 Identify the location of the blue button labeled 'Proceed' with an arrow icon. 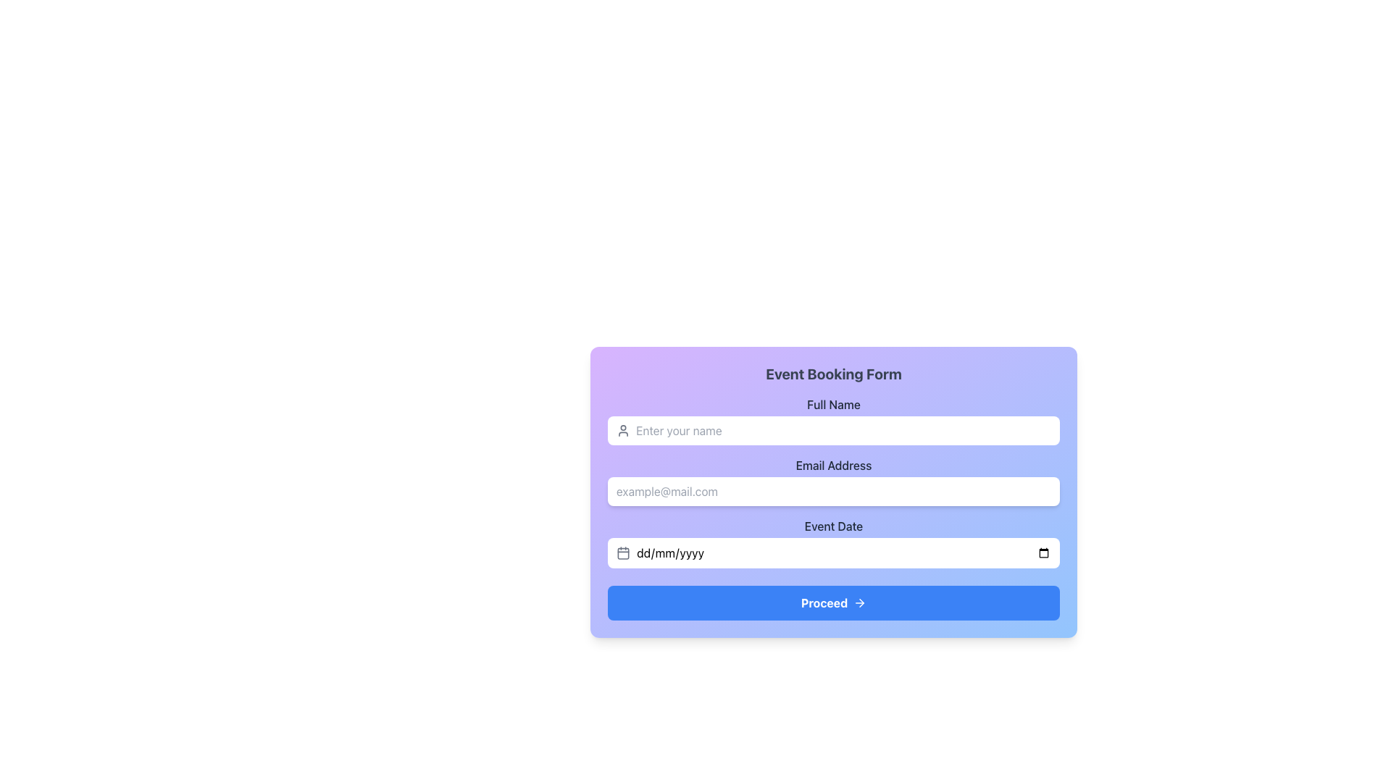
(834, 603).